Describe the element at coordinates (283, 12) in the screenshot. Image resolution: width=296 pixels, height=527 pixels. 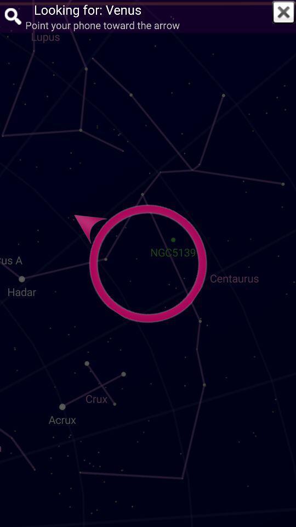
I see `the close icon` at that location.